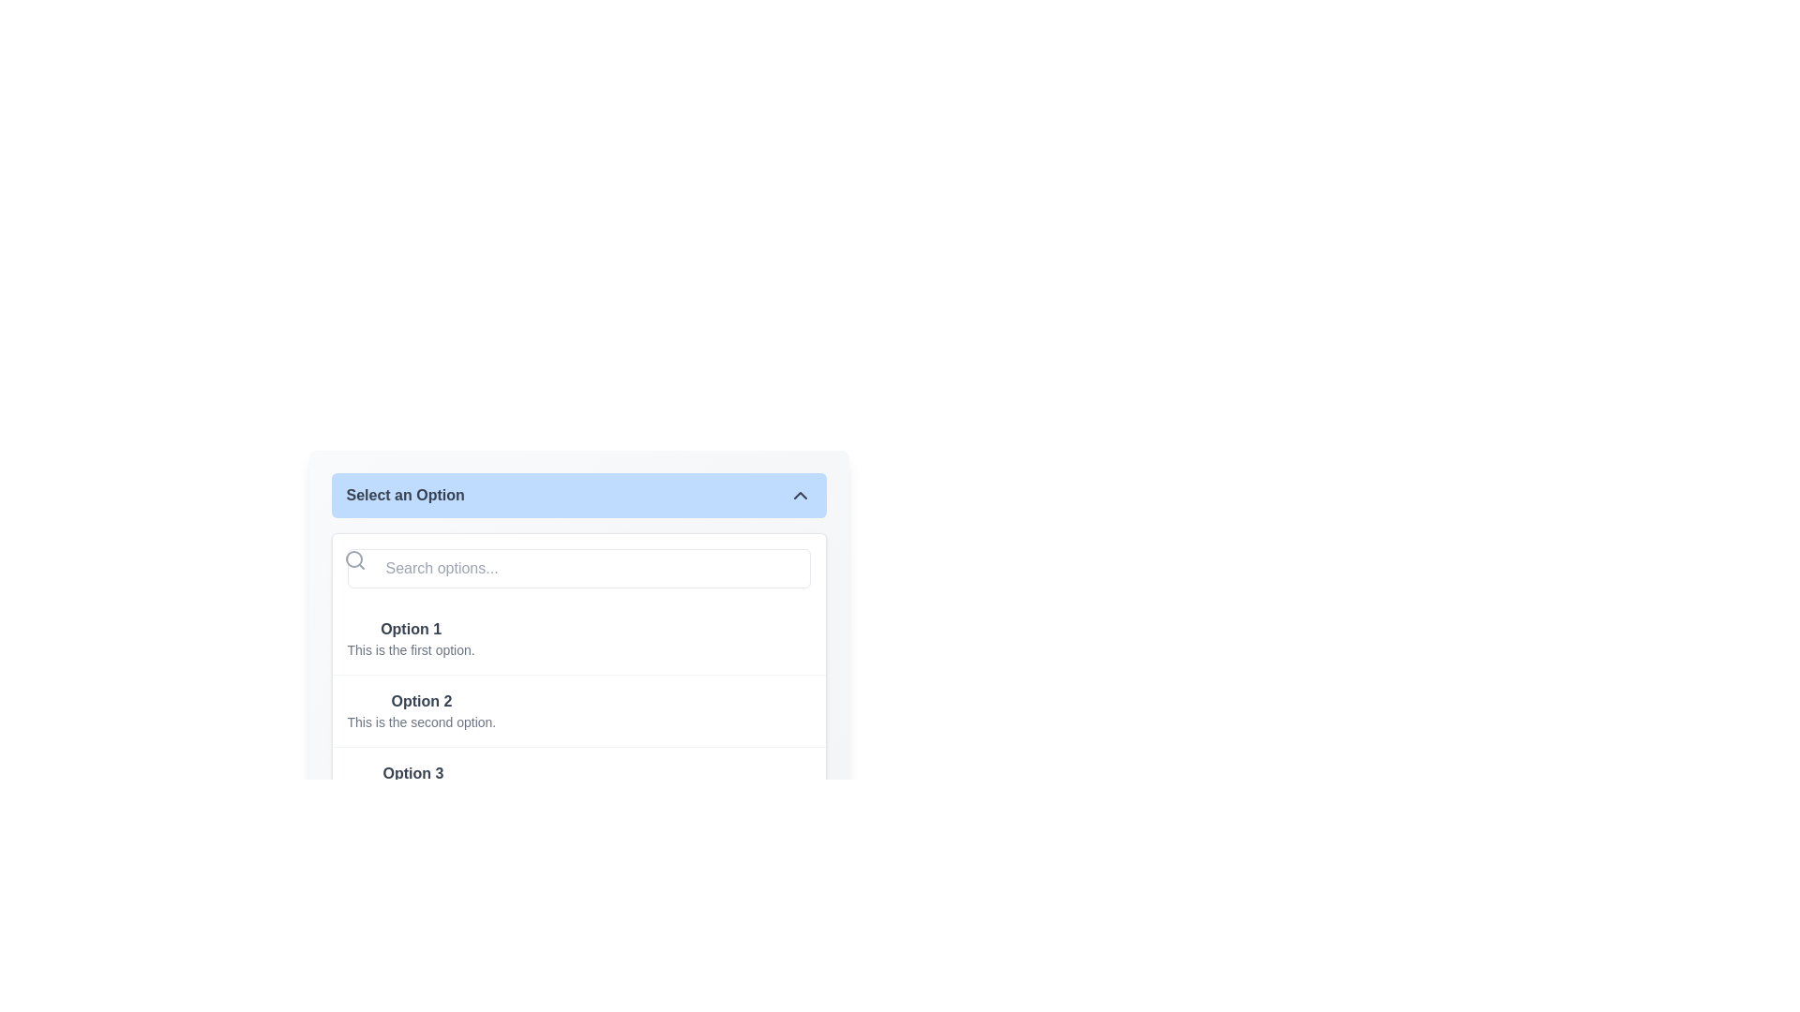 Image resolution: width=1800 pixels, height=1012 pixels. I want to click on the text label that serves as the title or identifier for a selectable option within a dropdown or list interface, positioned directly above the description stating 'This is the first option', so click(410, 629).